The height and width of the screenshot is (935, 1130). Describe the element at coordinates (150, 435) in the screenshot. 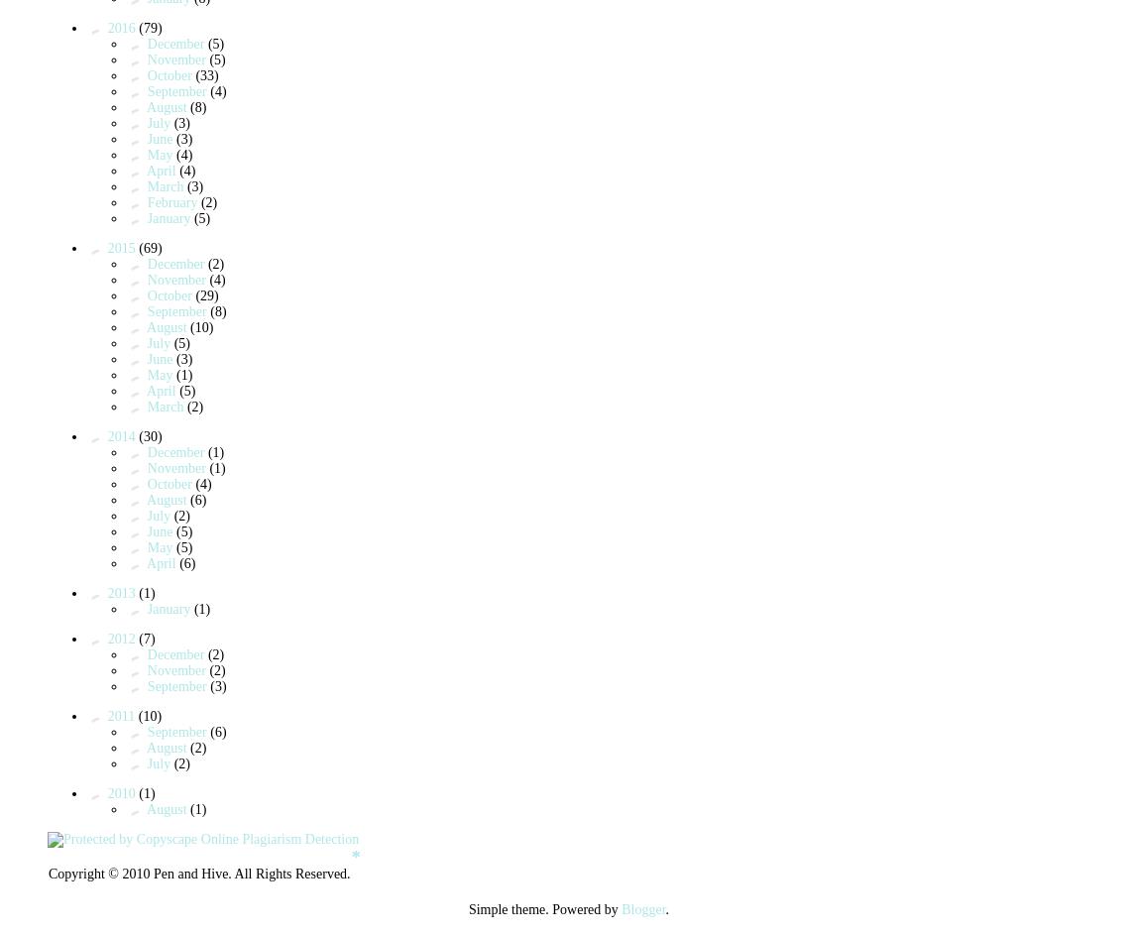

I see `'(30)'` at that location.